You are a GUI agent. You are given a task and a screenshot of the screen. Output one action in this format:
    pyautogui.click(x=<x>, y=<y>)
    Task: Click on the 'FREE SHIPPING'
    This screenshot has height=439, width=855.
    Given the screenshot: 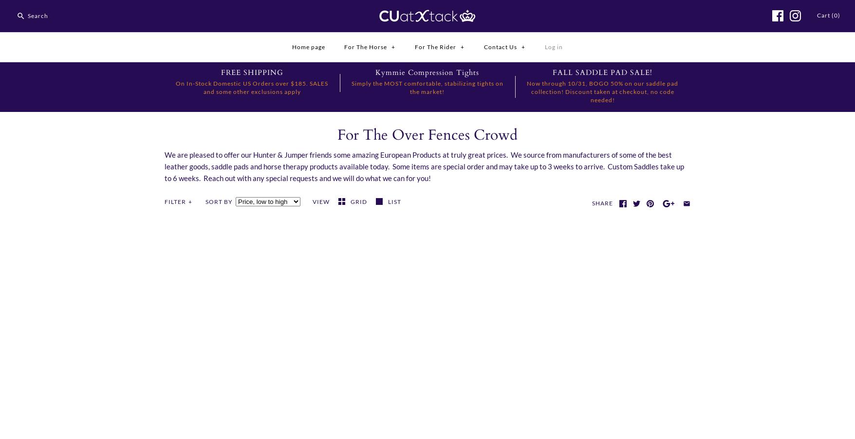 What is the action you would take?
    pyautogui.click(x=251, y=72)
    